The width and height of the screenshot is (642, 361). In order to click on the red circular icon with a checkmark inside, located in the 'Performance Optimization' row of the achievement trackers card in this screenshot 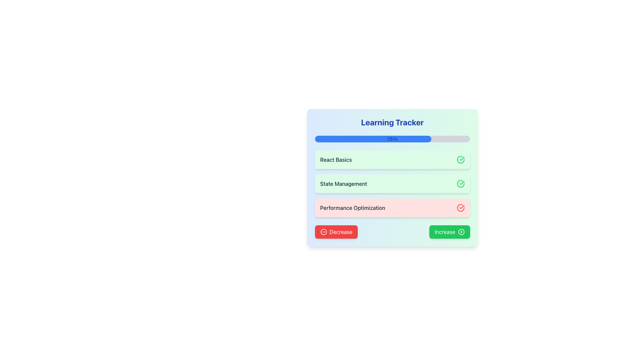, I will do `click(460, 207)`.